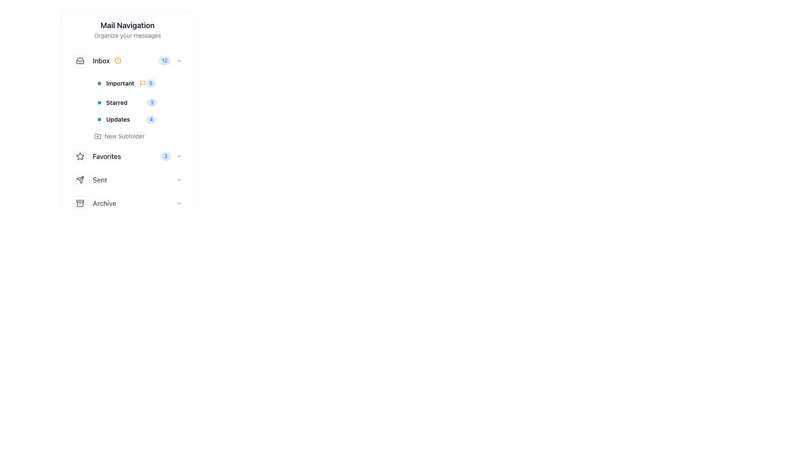  I want to click on the 'Sent' clickable navigation item in the Favorites section, so click(127, 179).